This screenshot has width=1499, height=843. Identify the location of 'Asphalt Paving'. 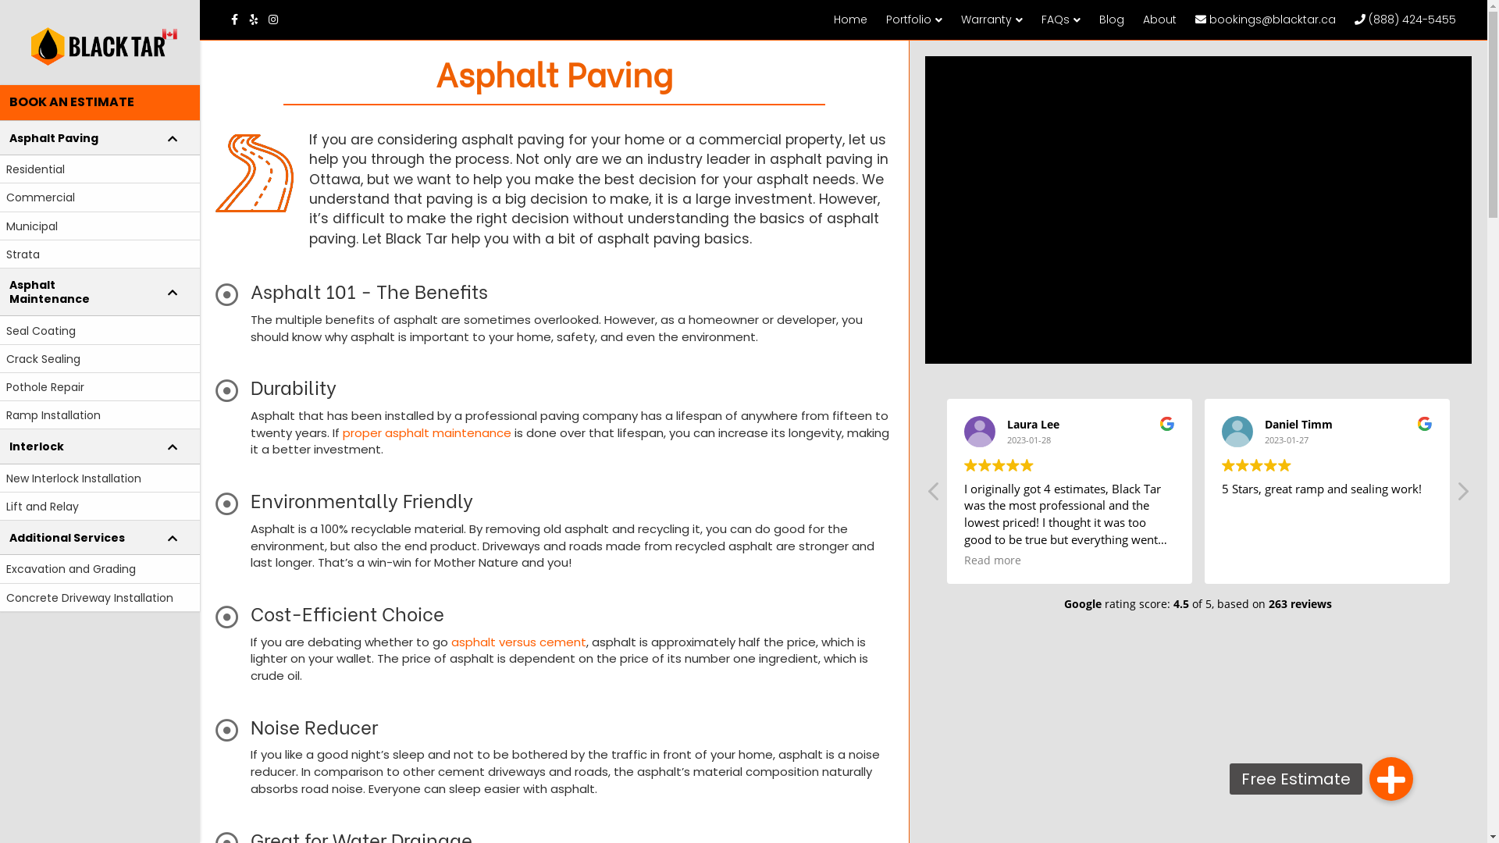
(99, 137).